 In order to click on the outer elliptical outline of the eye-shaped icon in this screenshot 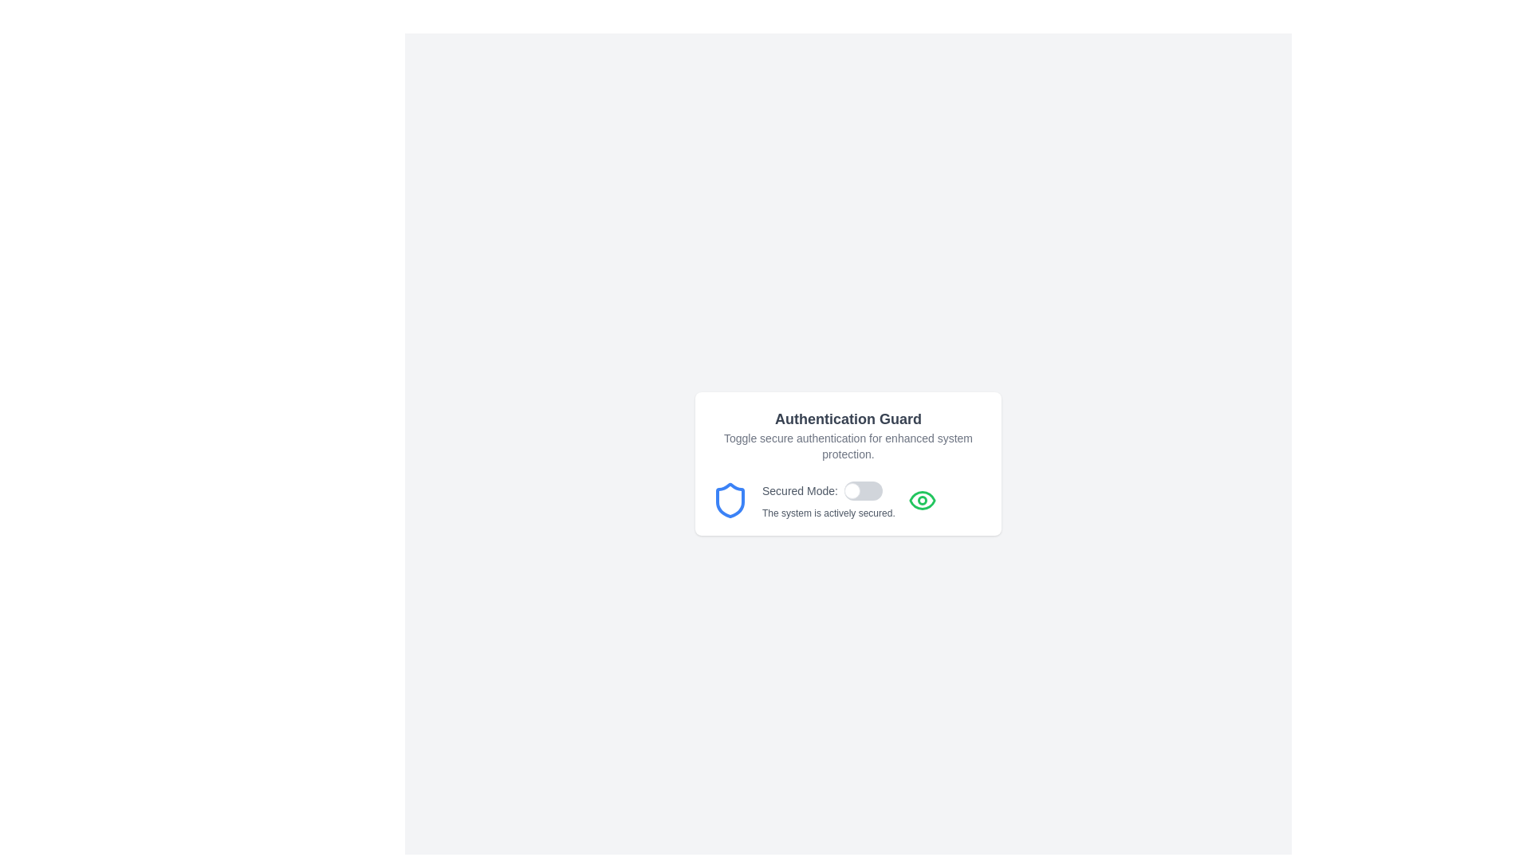, I will do `click(922, 500)`.